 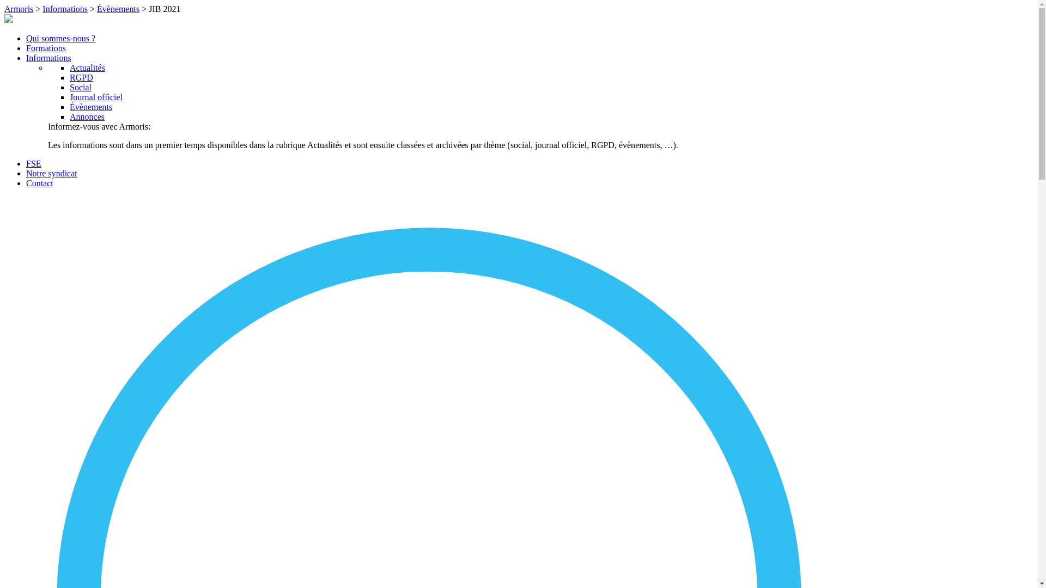 I want to click on 'FSE', so click(x=26, y=163).